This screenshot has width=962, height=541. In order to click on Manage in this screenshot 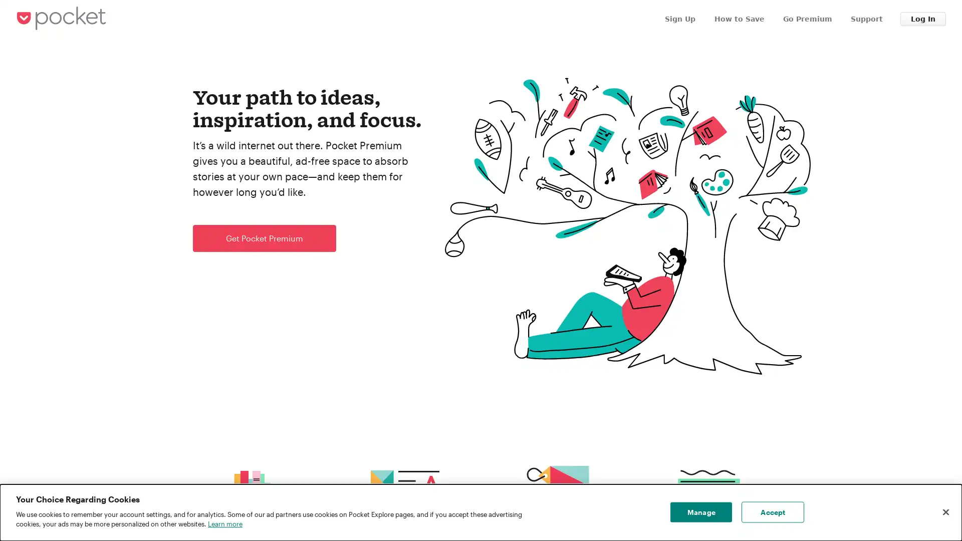, I will do `click(700, 512)`.